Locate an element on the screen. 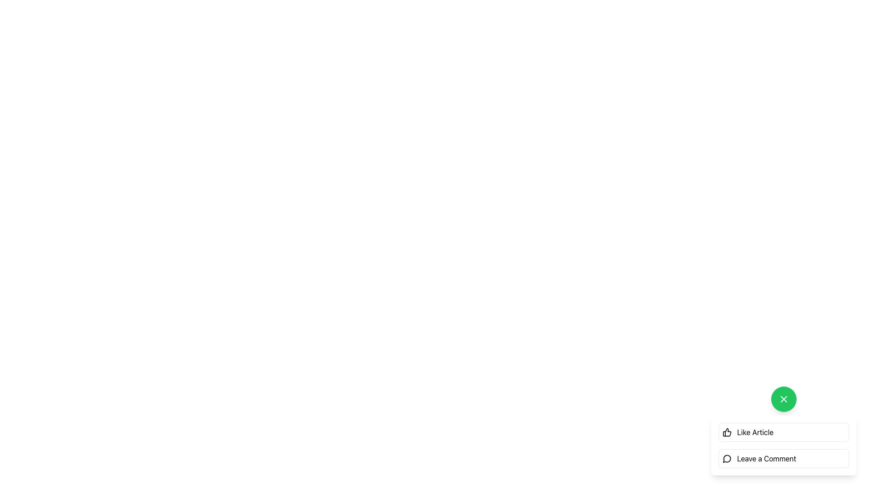 The image size is (871, 490). the 'Like Article' icon located in the lower right corner of the interface is located at coordinates (727, 431).